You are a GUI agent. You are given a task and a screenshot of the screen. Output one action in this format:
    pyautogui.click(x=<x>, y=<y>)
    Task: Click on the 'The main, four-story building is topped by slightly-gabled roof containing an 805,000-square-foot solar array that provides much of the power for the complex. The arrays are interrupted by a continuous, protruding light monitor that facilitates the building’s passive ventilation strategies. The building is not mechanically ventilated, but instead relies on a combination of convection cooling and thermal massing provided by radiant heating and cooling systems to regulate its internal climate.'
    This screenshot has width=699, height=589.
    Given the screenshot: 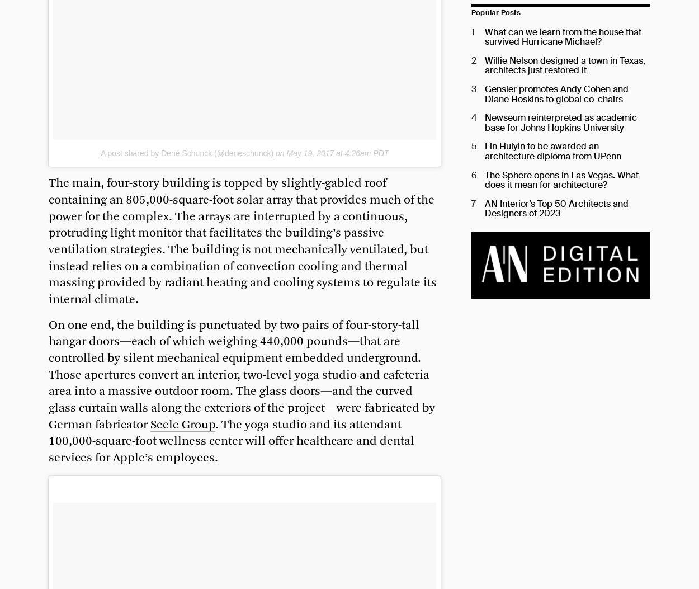 What is the action you would take?
    pyautogui.click(x=243, y=241)
    